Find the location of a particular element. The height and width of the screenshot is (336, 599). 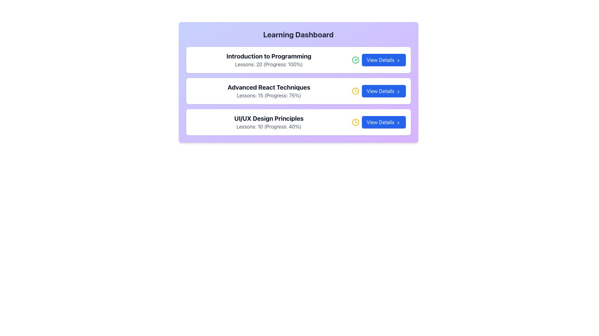

the chevron arrow icon at the far-right of the 'View Details' button, which is the third button in the vertical list associated with the 'UI/UX Design Principles' section is located at coordinates (398, 123).